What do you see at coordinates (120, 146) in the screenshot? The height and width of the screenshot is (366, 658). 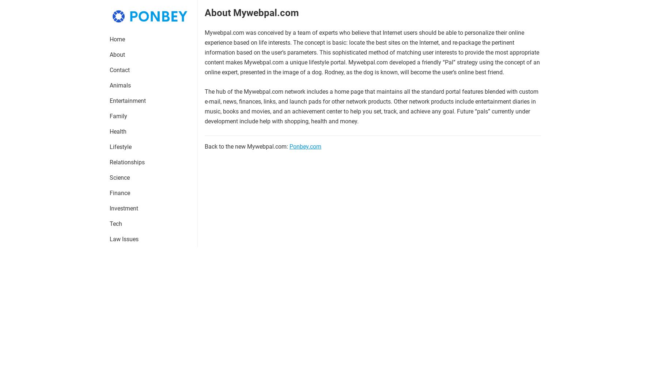 I see `'Lifestyle'` at bounding box center [120, 146].